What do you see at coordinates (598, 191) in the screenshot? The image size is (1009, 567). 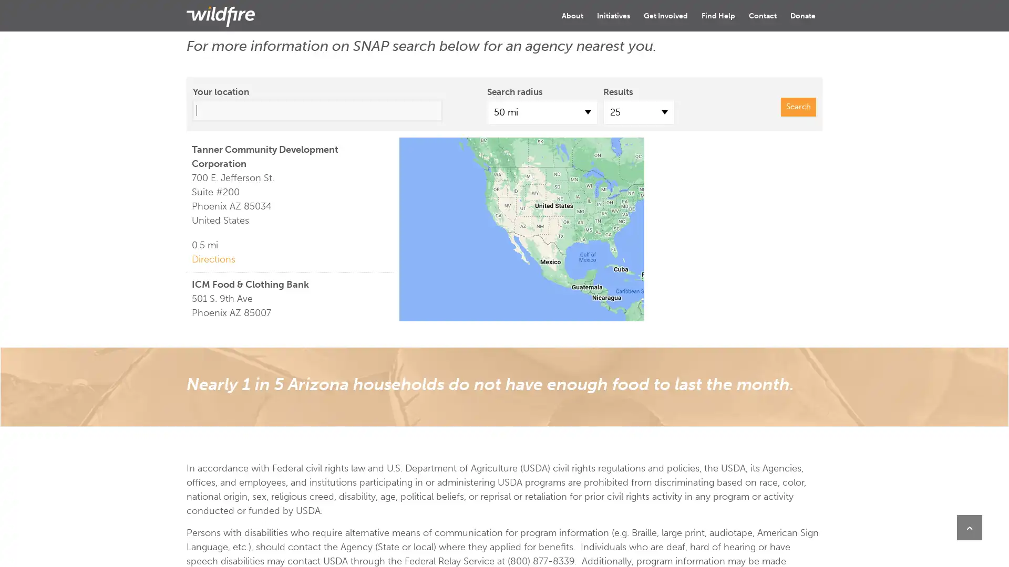 I see `Mountain Park Health Center  Christown` at bounding box center [598, 191].